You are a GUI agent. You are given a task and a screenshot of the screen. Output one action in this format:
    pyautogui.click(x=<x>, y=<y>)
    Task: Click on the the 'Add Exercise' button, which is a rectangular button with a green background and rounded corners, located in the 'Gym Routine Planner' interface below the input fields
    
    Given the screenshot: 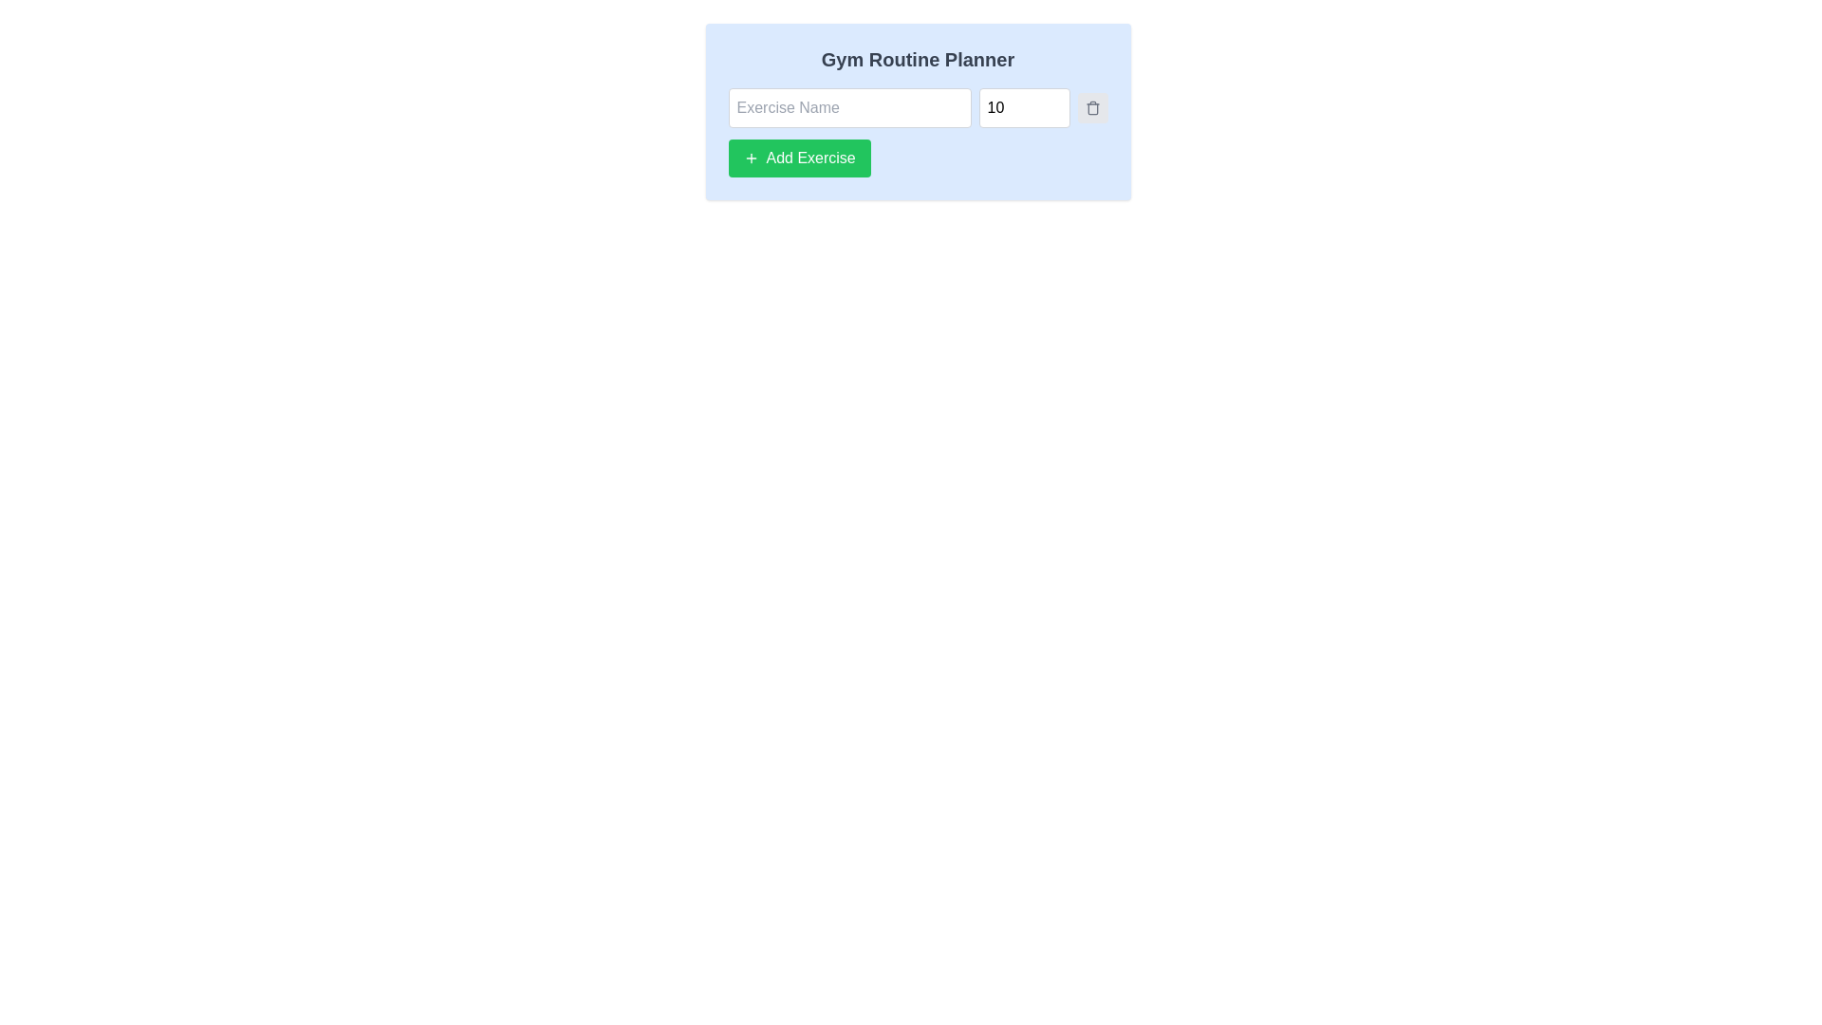 What is the action you would take?
    pyautogui.click(x=799, y=157)
    